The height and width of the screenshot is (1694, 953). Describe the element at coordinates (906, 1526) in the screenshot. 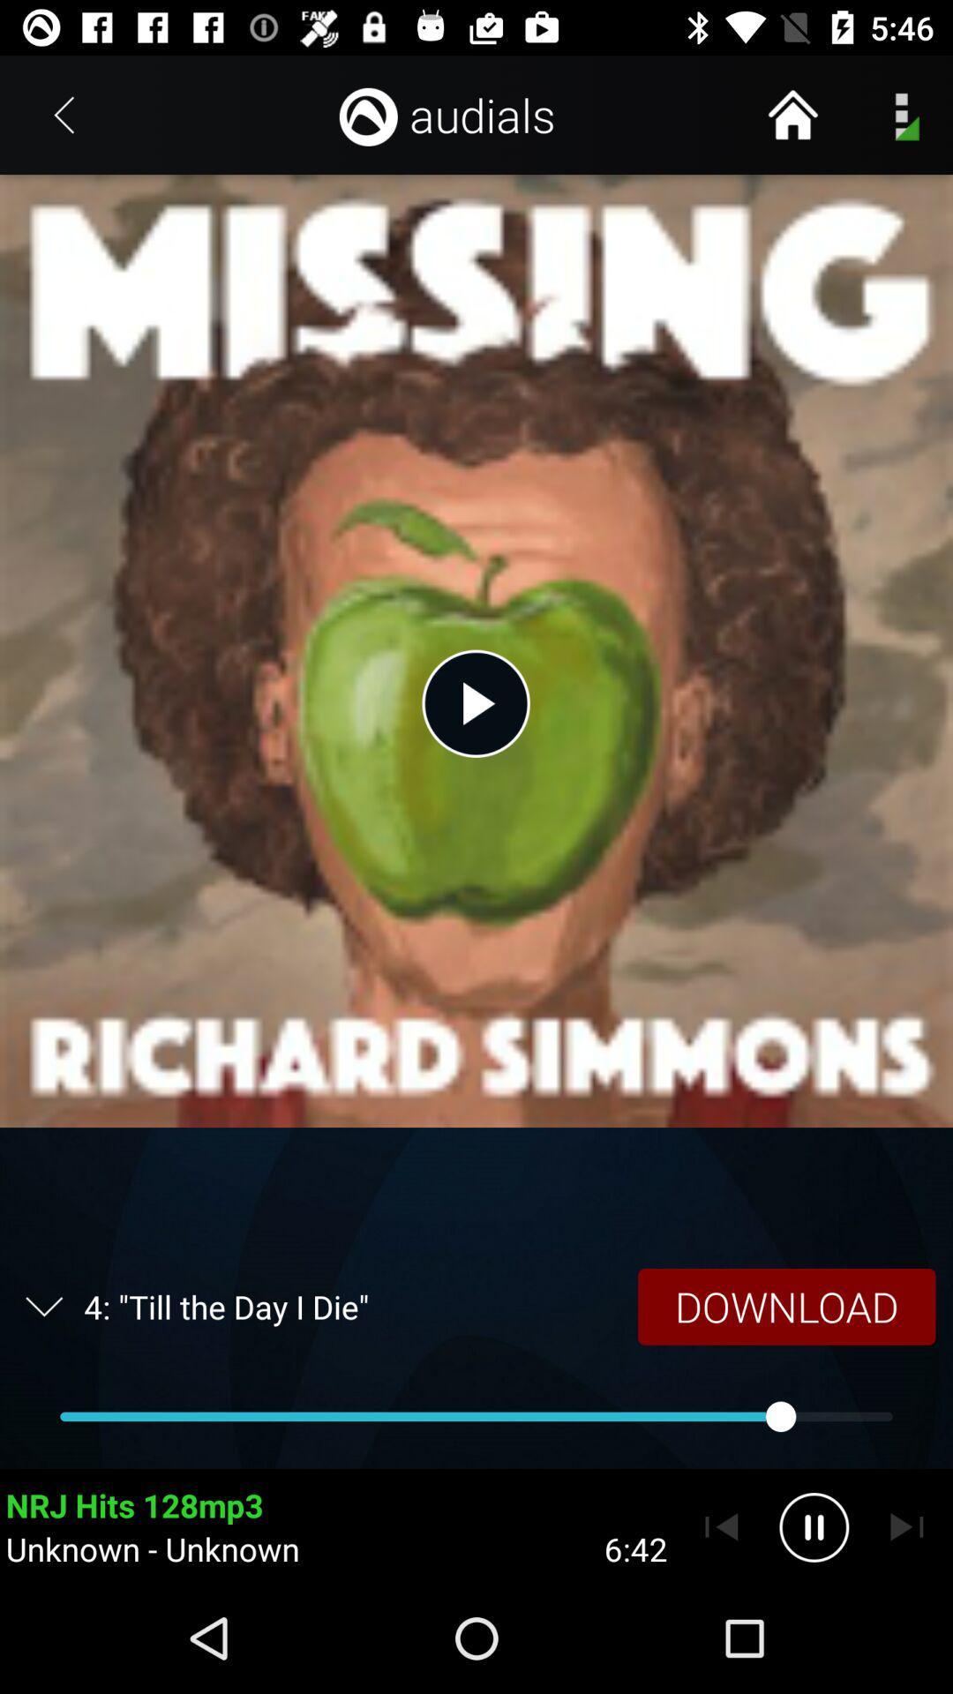

I see `next button` at that location.